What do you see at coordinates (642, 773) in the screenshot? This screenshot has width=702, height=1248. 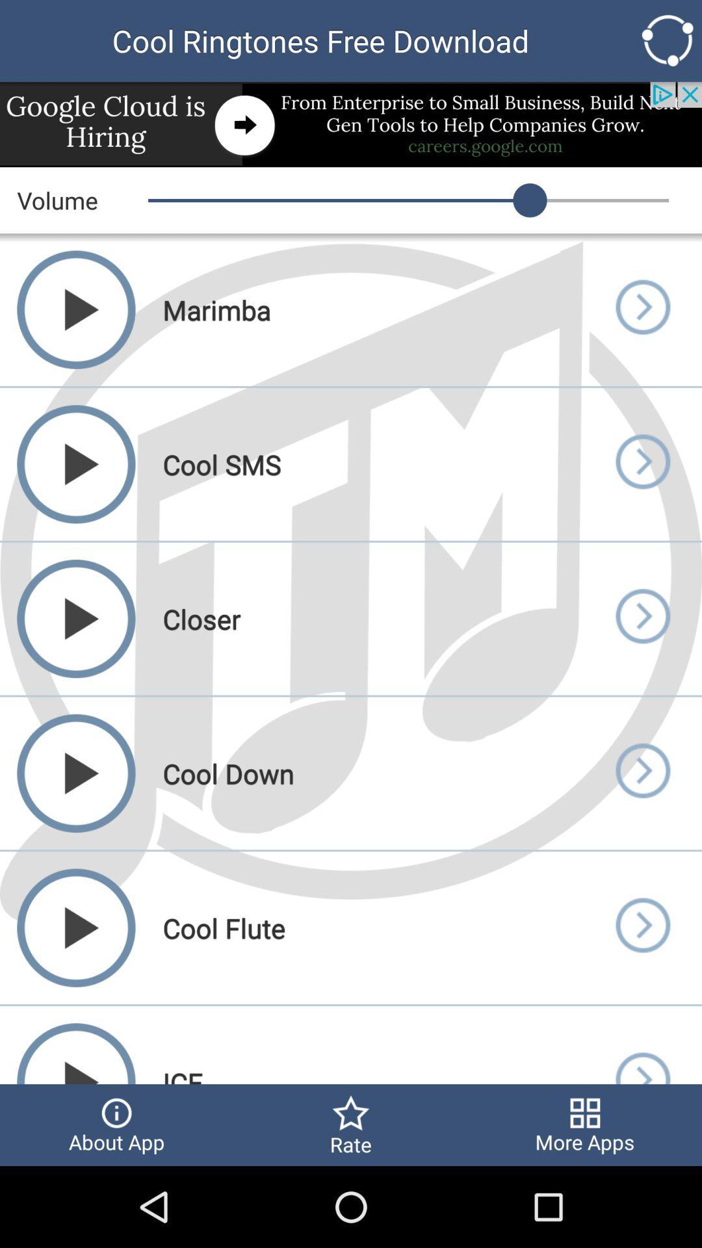 I see `song` at bounding box center [642, 773].